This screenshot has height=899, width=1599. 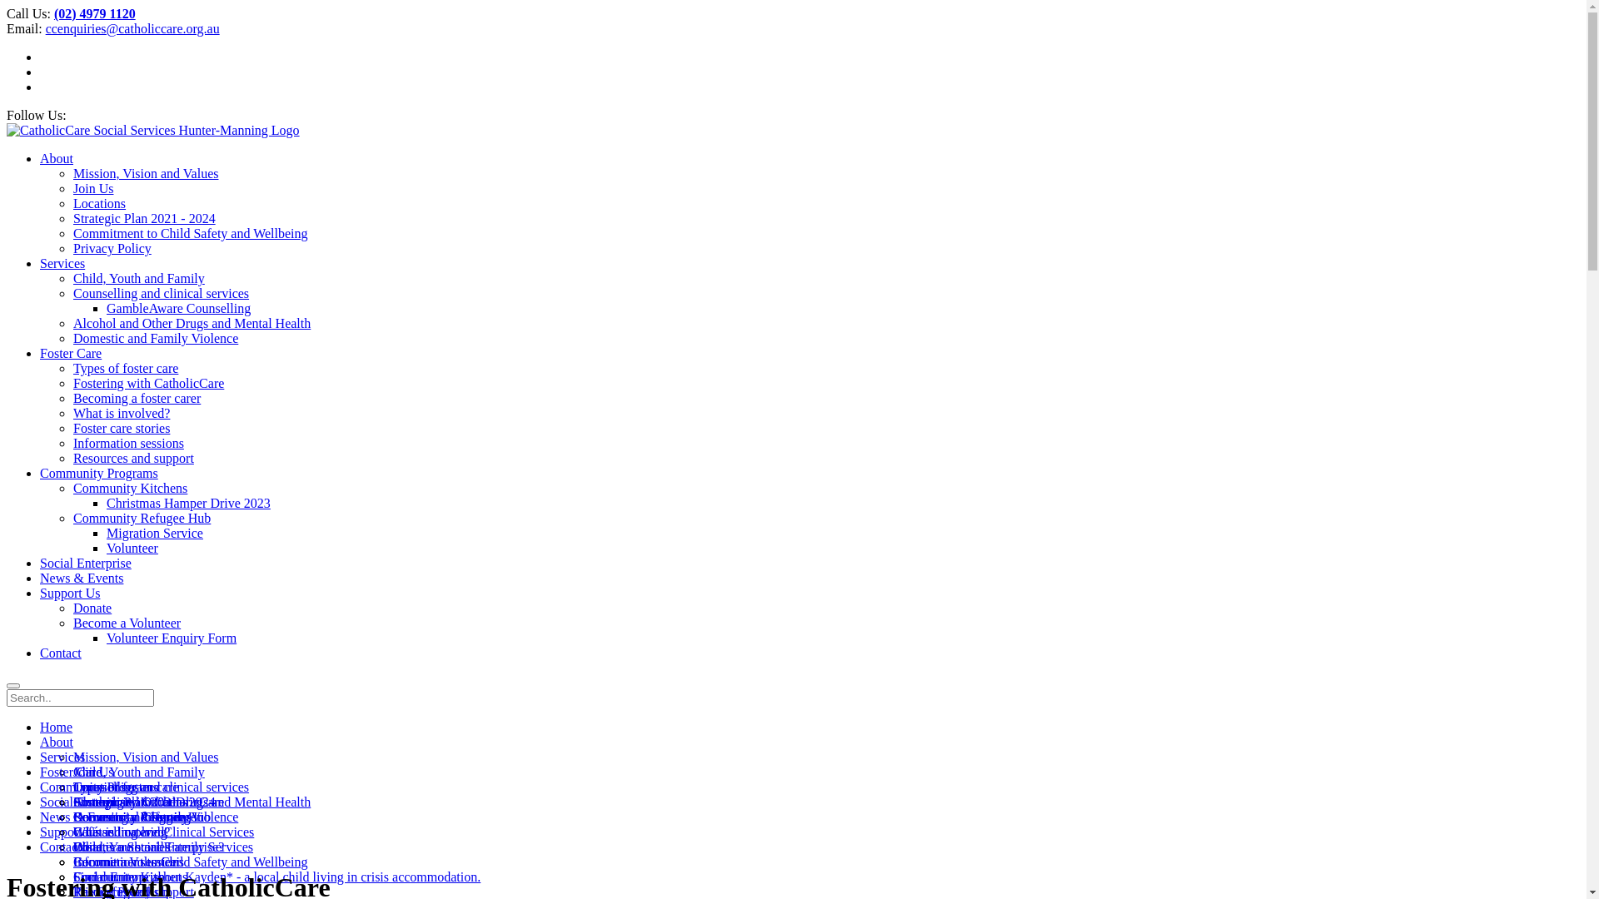 What do you see at coordinates (62, 757) in the screenshot?
I see `'Services'` at bounding box center [62, 757].